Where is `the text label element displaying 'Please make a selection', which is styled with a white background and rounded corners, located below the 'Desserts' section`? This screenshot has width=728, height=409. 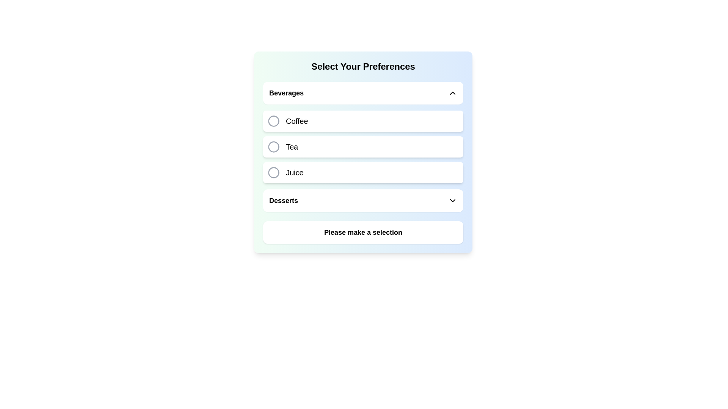
the text label element displaying 'Please make a selection', which is styled with a white background and rounded corners, located below the 'Desserts' section is located at coordinates (363, 232).